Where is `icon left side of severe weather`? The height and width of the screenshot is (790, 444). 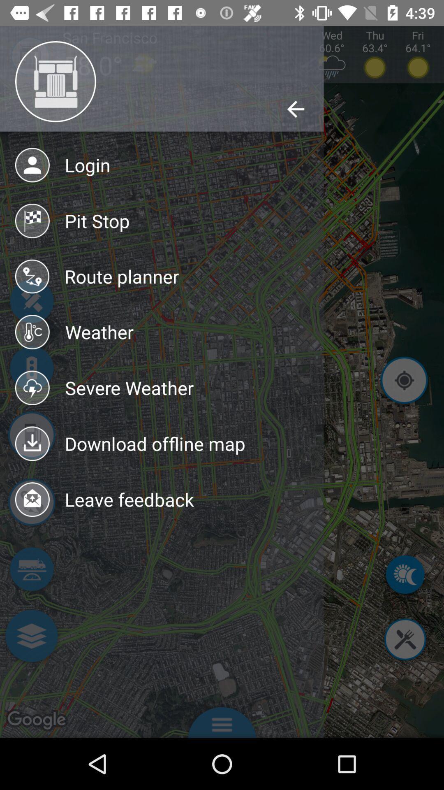
icon left side of severe weather is located at coordinates (32, 387).